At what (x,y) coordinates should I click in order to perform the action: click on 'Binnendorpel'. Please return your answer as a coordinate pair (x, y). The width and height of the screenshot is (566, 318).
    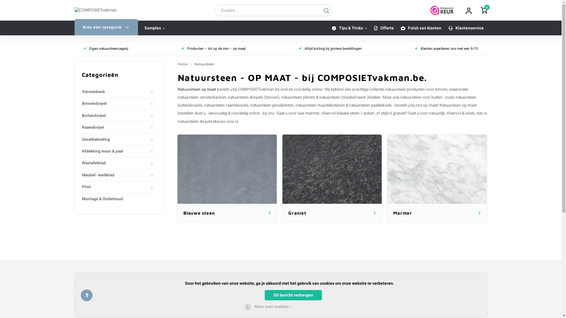
    Looking at the image, I should click on (82, 103).